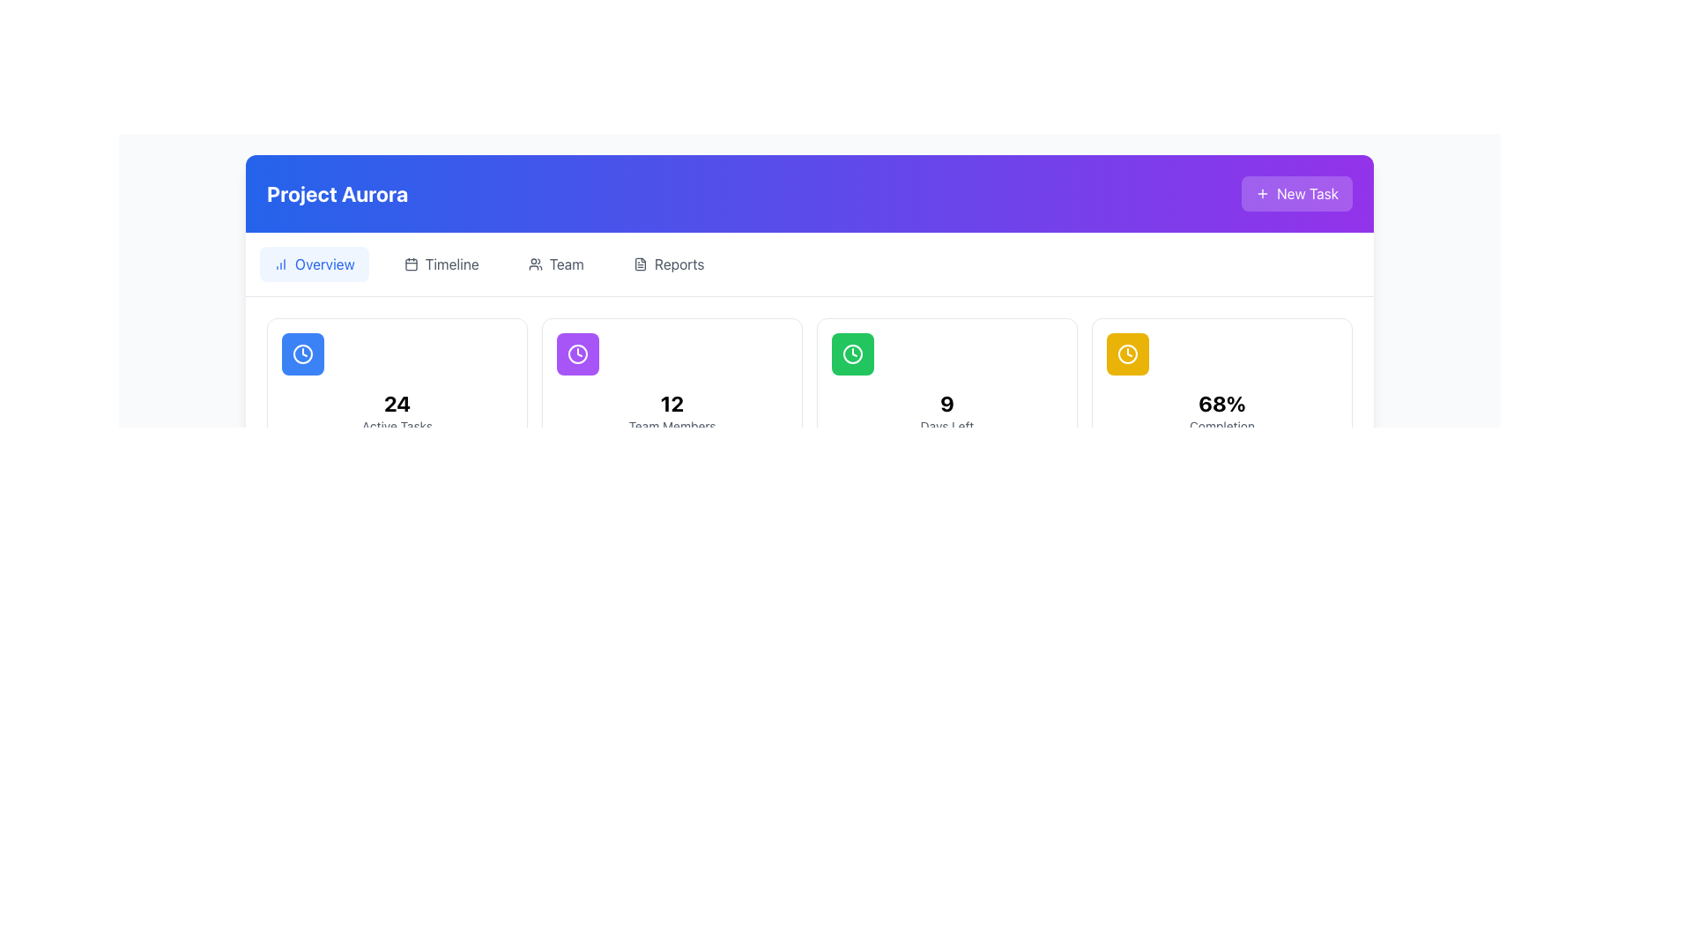 This screenshot has height=952, width=1692. Describe the element at coordinates (1221, 404) in the screenshot. I see `the displayed percentage value '68%' from the bold text label located centrally above the text 'Completion' and below a yellow clock icon` at that location.